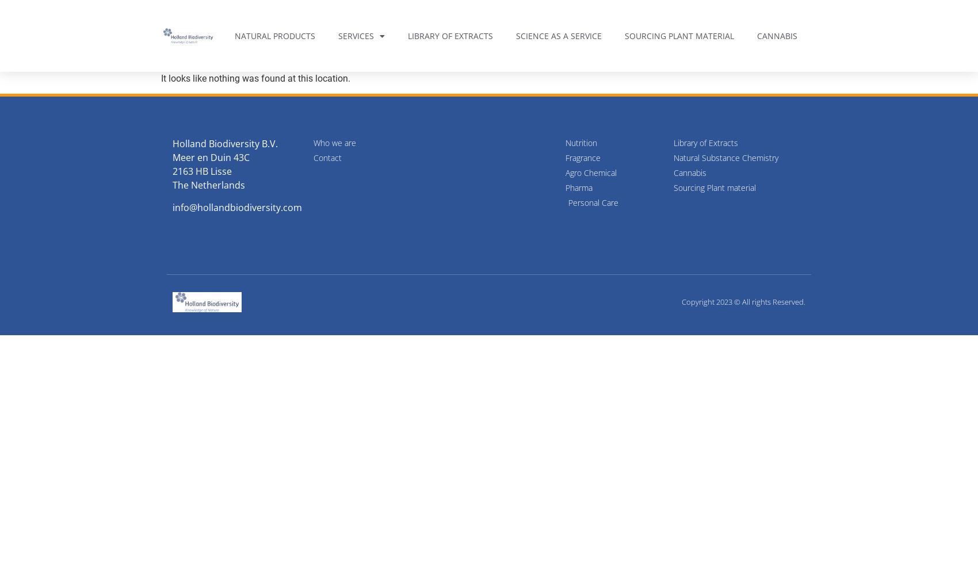 The height and width of the screenshot is (575, 978). Describe the element at coordinates (334, 142) in the screenshot. I see `'Who we are'` at that location.